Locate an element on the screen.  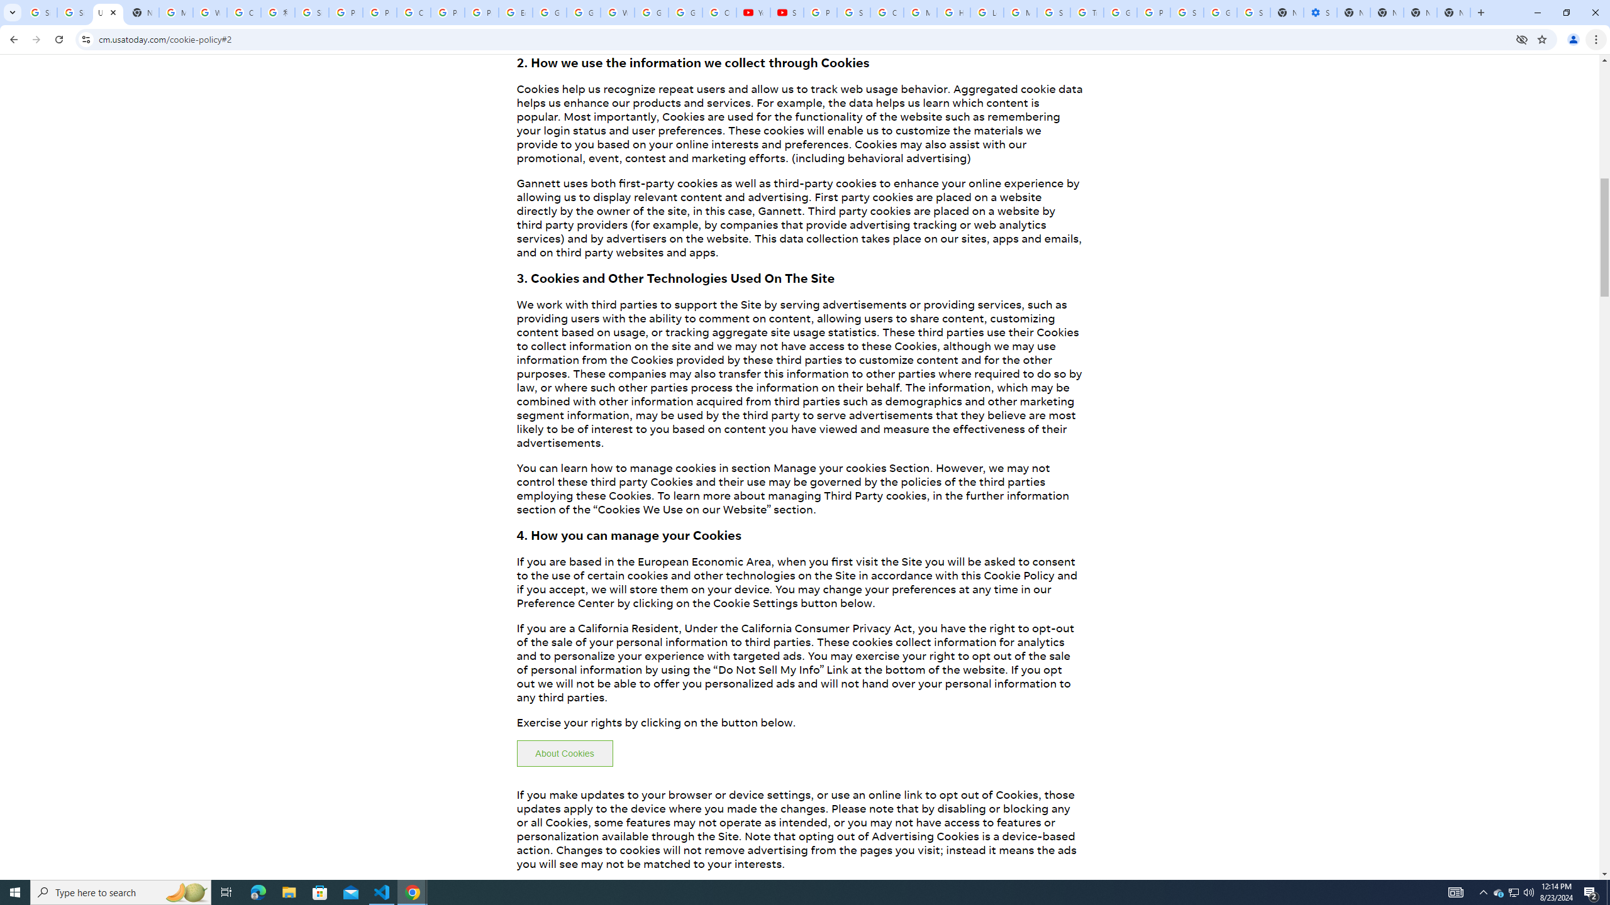
'Sign in - Google Accounts' is located at coordinates (1186, 12).